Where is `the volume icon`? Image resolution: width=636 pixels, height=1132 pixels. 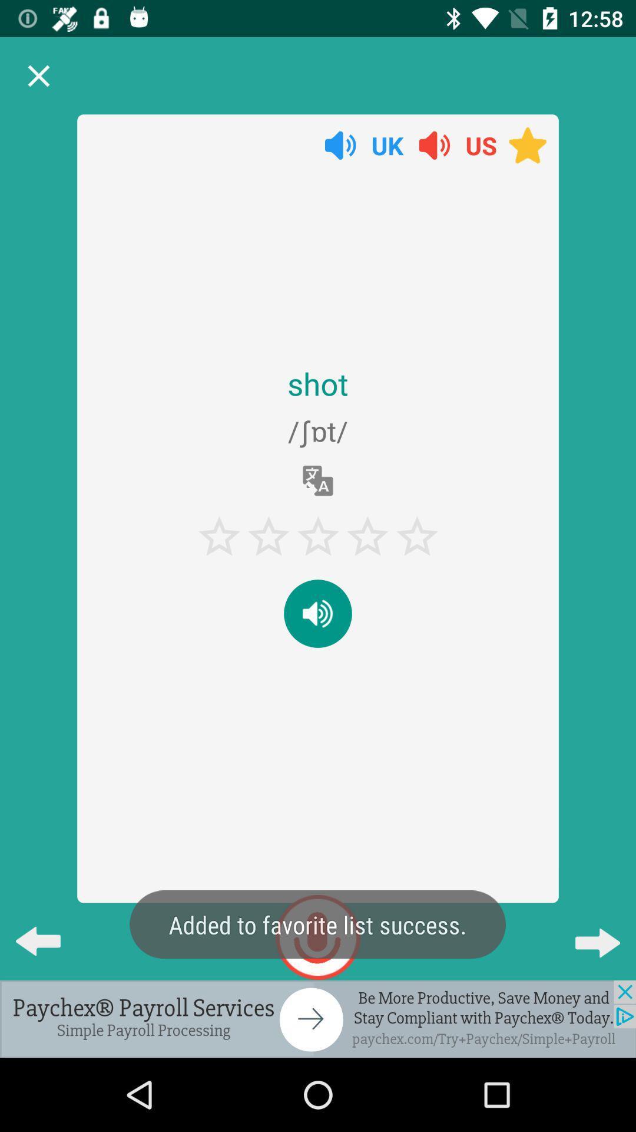 the volume icon is located at coordinates (434, 144).